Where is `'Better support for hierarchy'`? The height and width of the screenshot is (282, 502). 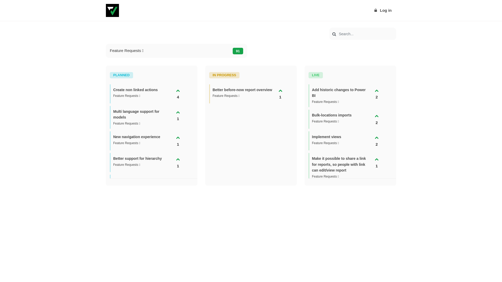 'Better support for hierarchy' is located at coordinates (138, 158).